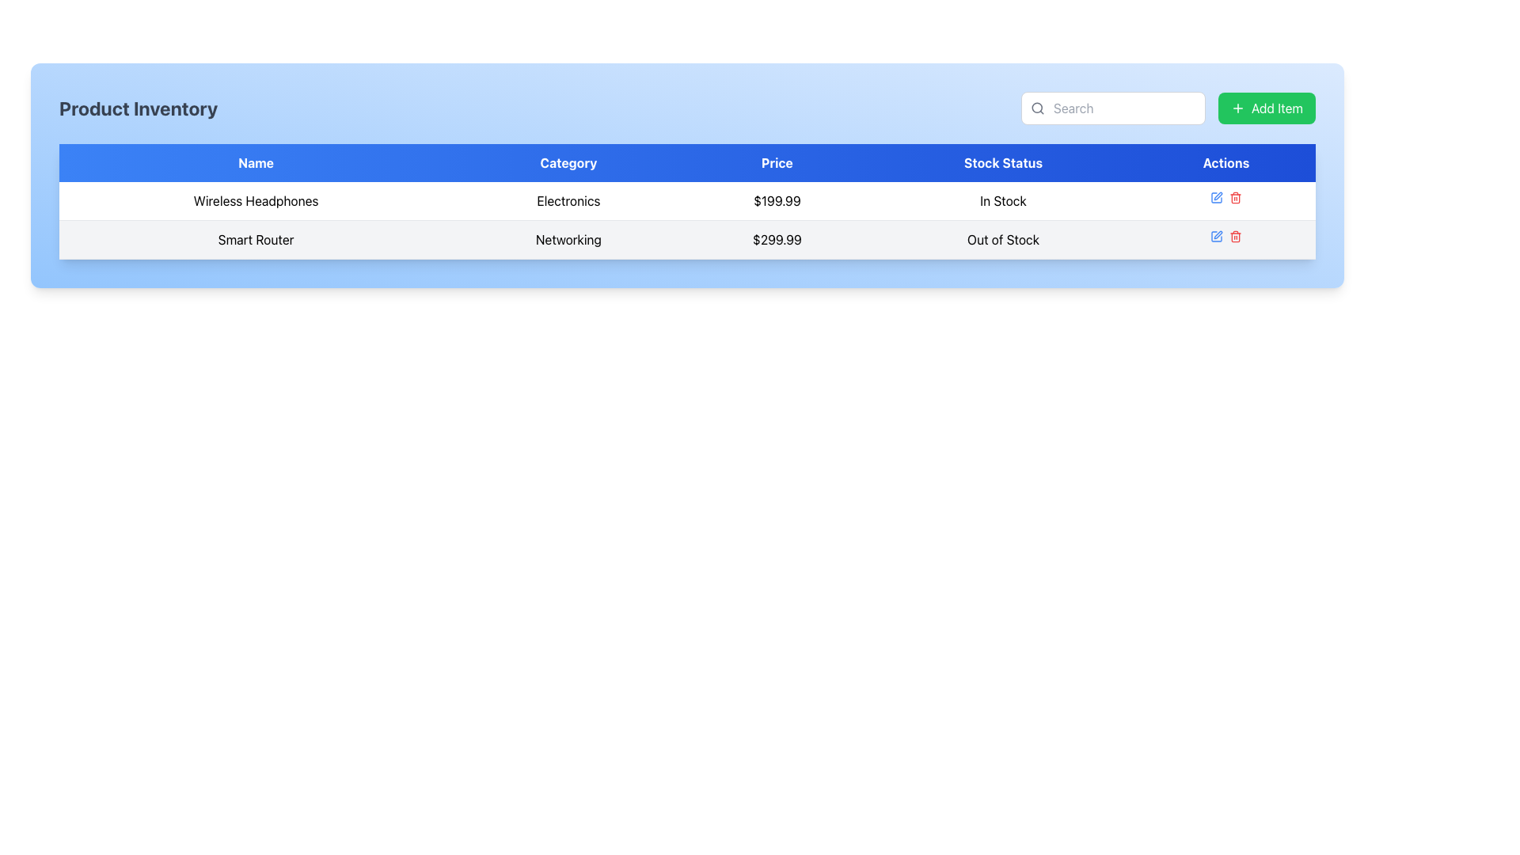 The image size is (1520, 855). Describe the element at coordinates (1217, 195) in the screenshot. I see `the blue edit icon in the 'Actions' column of the second row under 'Product Inventory'` at that location.